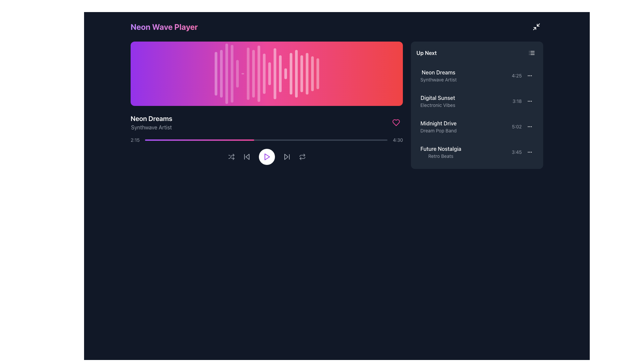 The width and height of the screenshot is (643, 362). What do you see at coordinates (529, 152) in the screenshot?
I see `the context menu icon (horizontal ellipsis) for the song 'Future Nostalgia' by 'Retro Beats'` at bounding box center [529, 152].